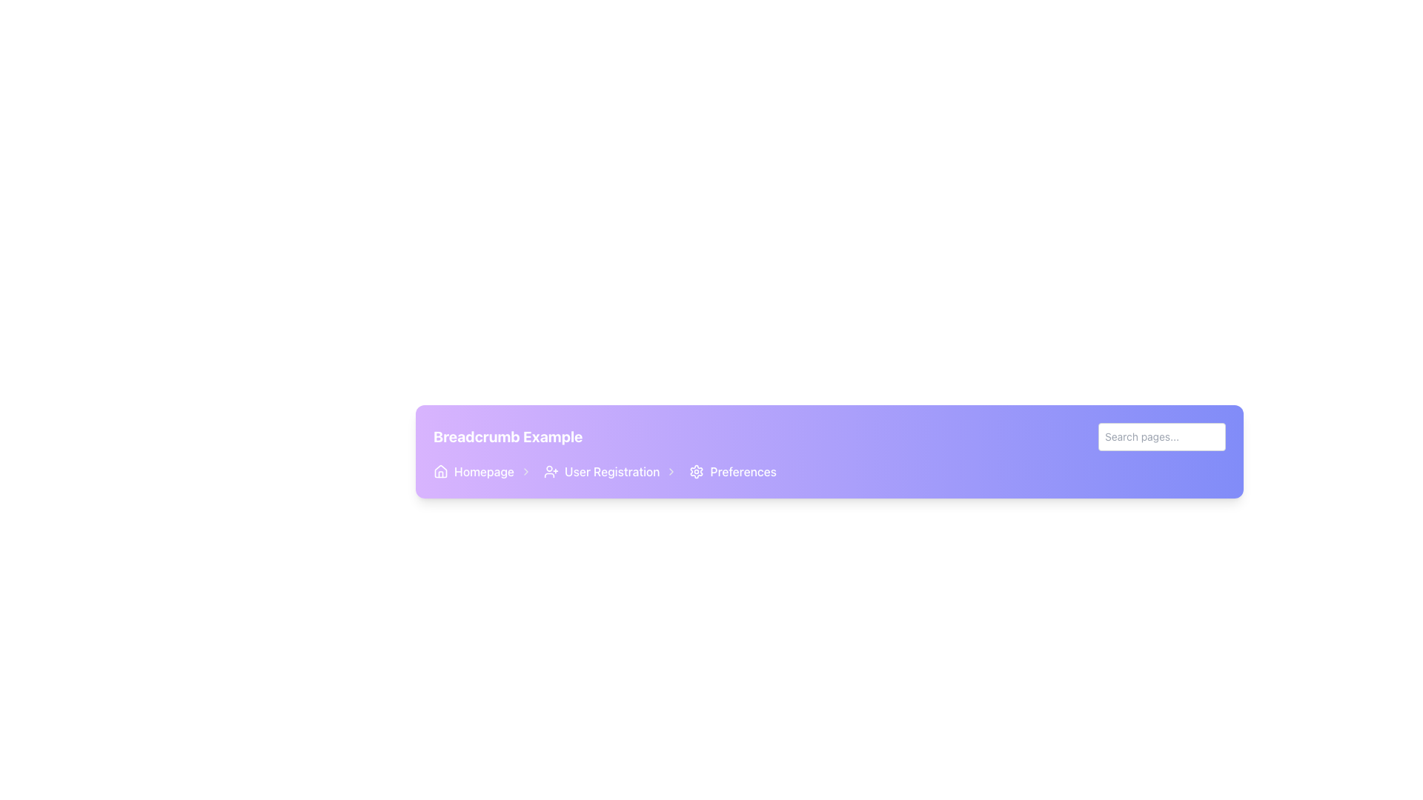 This screenshot has width=1423, height=800. I want to click on the text link in the breadcrumb navigation bar, so click(484, 471).